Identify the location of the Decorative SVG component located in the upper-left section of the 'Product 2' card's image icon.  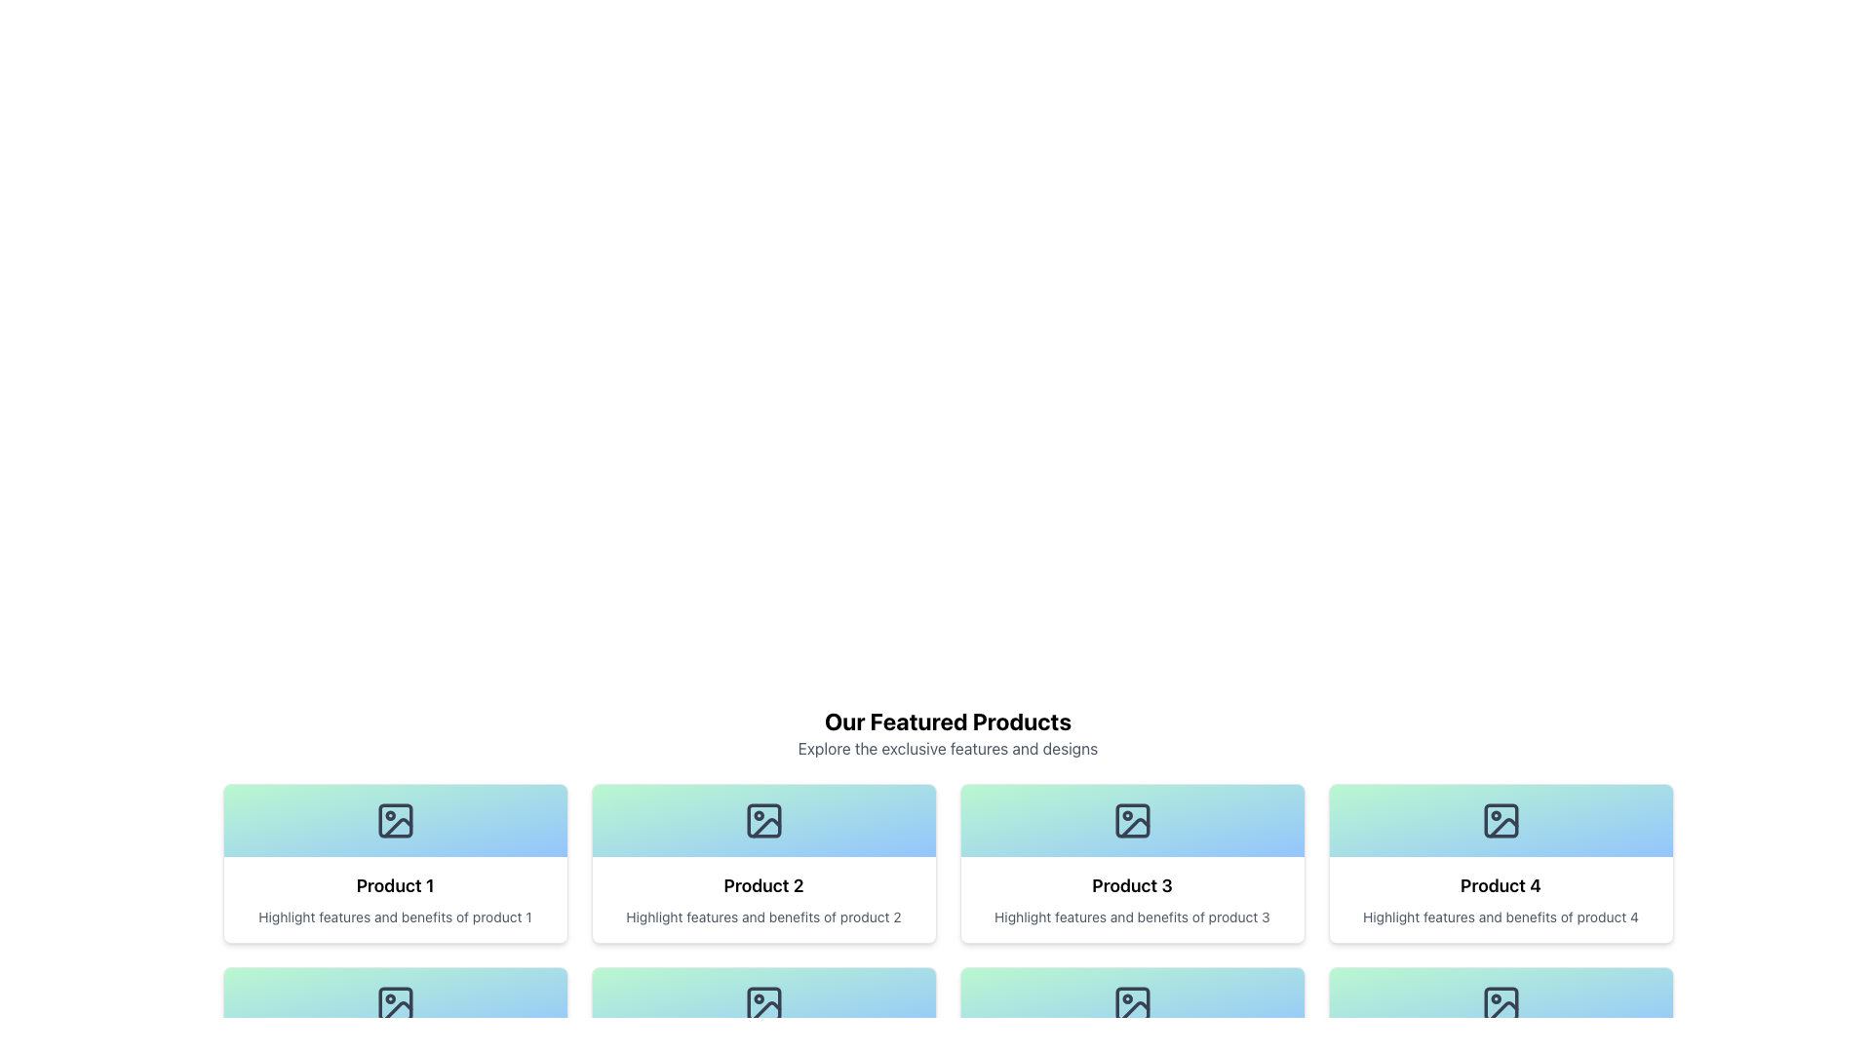
(762, 820).